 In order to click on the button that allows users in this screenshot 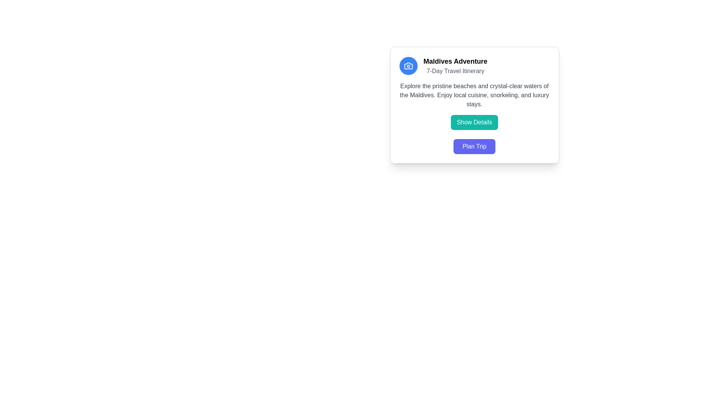, I will do `click(474, 122)`.